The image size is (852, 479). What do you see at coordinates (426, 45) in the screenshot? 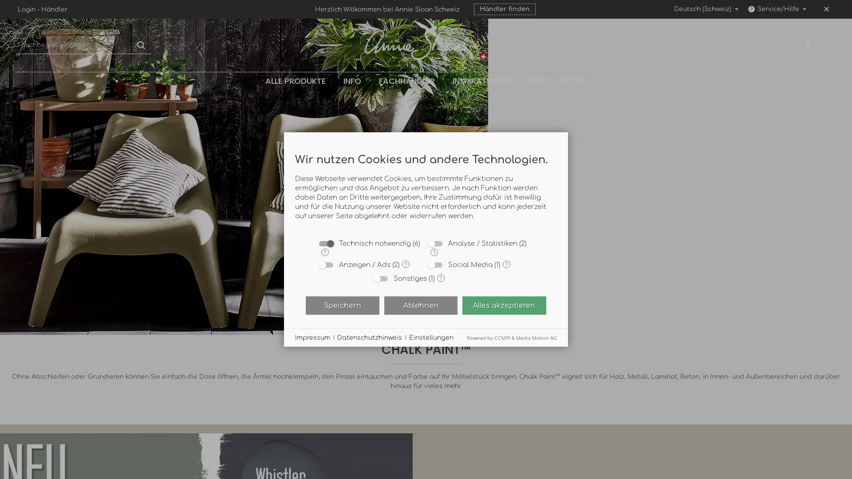
I see `'Zur Startseite gehen'` at bounding box center [426, 45].